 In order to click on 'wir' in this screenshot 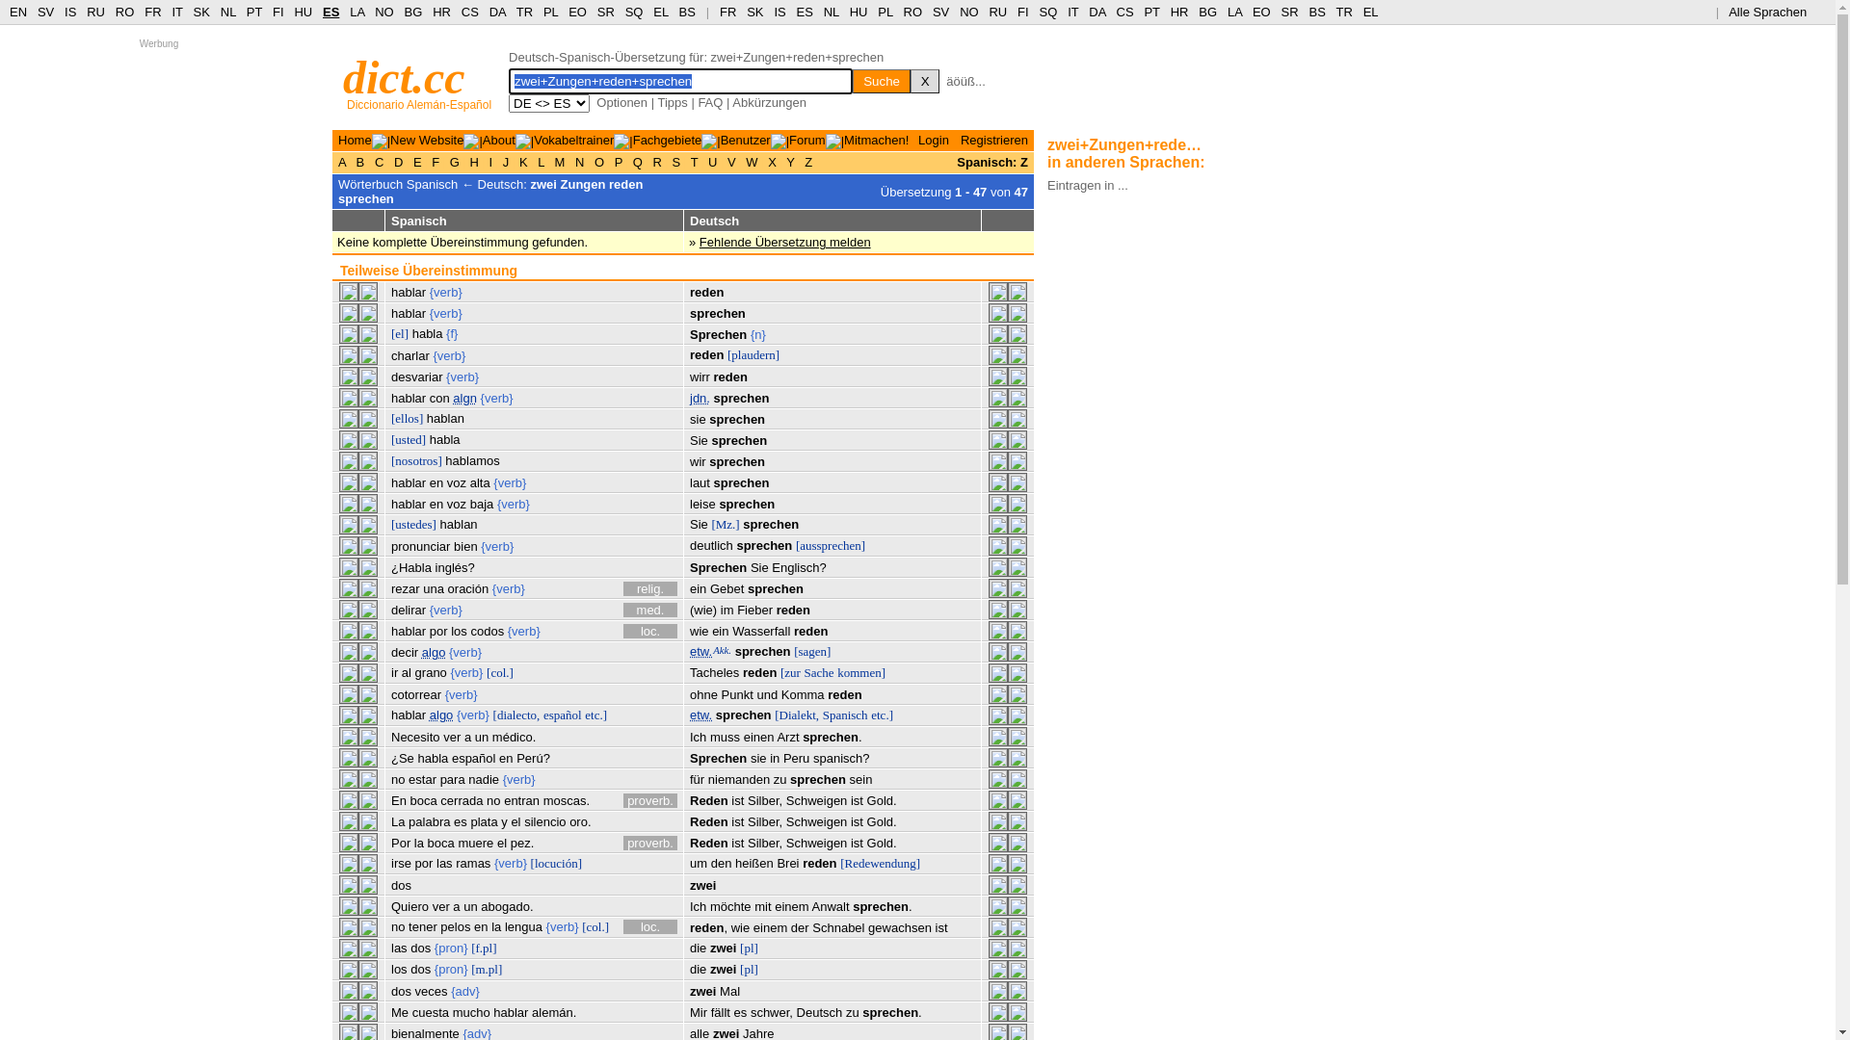, I will do `click(697, 461)`.